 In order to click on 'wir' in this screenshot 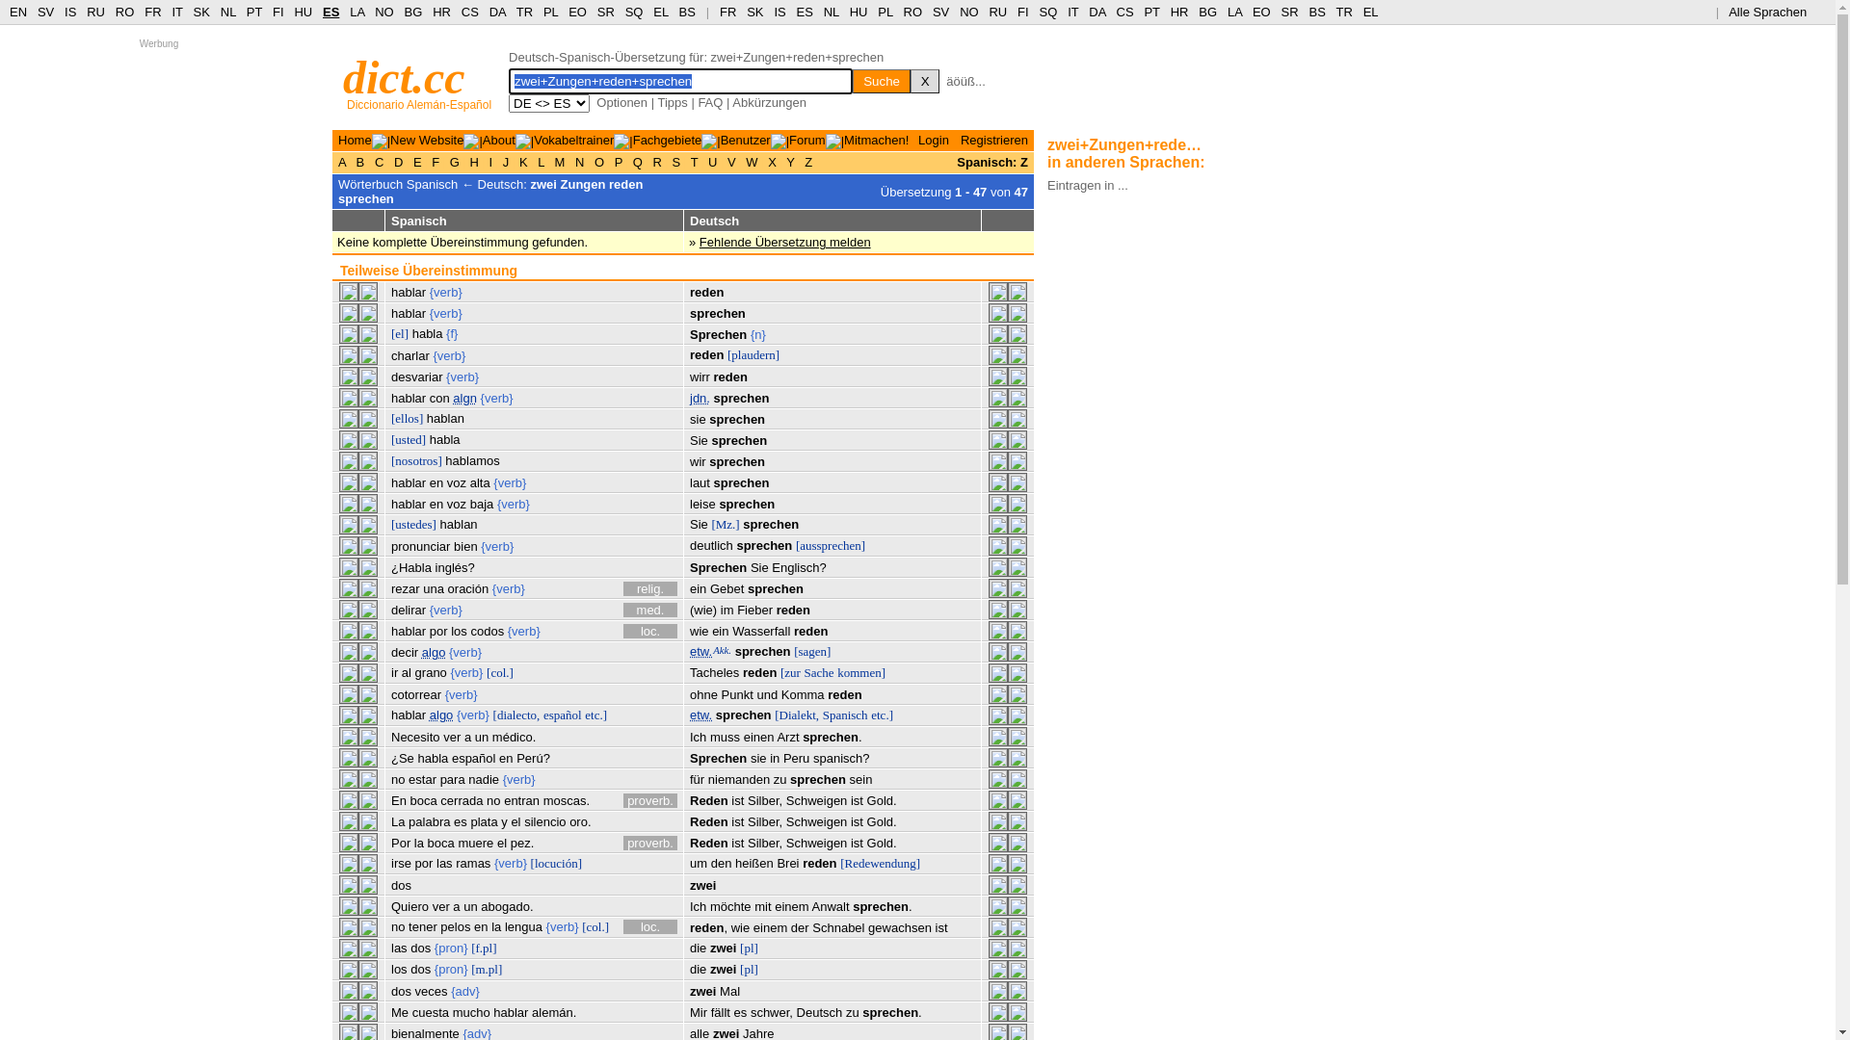, I will do `click(697, 461)`.